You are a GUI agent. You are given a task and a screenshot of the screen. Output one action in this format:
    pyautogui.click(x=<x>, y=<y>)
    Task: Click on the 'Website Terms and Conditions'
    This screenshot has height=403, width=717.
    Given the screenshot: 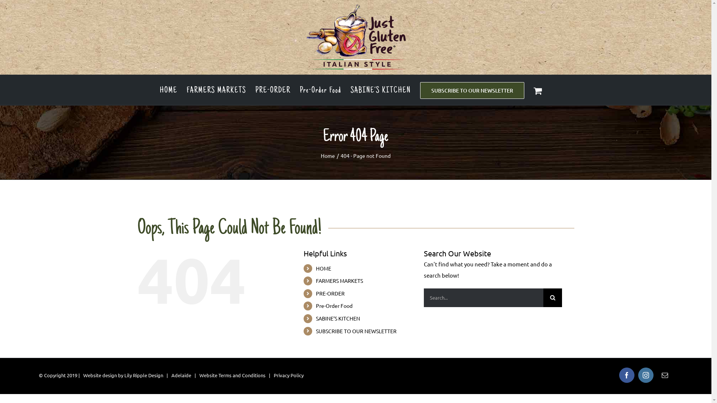 What is the action you would take?
    pyautogui.click(x=199, y=375)
    